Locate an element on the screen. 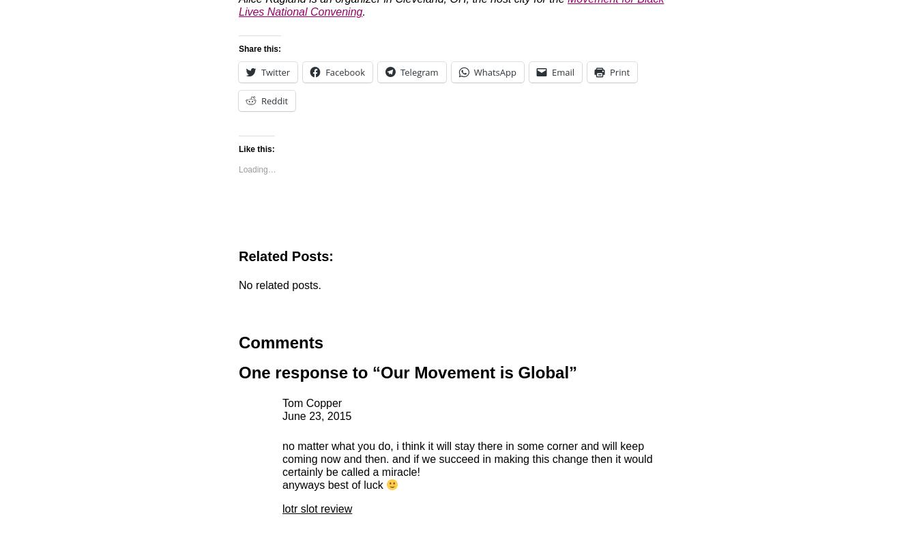 Image resolution: width=921 pixels, height=557 pixels. 'lotr slot review' is located at coordinates (316, 509).